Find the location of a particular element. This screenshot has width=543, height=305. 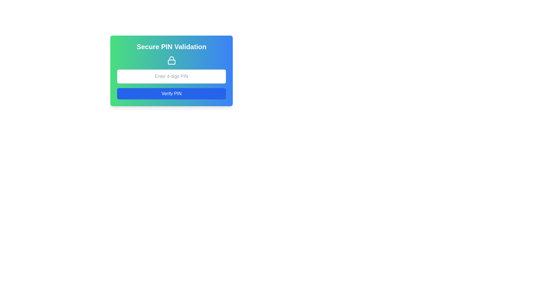

the rounded top portion of the lock graphic indicating security in the 'Secure PIN Validation' interface is located at coordinates (171, 58).